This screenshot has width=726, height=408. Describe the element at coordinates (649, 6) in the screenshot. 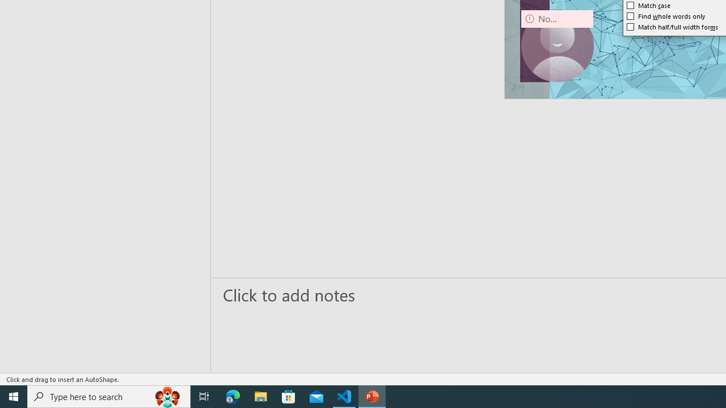

I see `'Match case'` at that location.